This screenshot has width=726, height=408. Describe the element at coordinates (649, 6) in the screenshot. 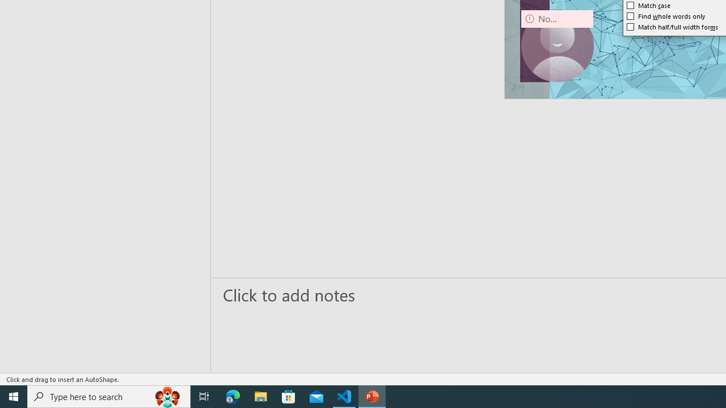

I see `'Match case'` at that location.